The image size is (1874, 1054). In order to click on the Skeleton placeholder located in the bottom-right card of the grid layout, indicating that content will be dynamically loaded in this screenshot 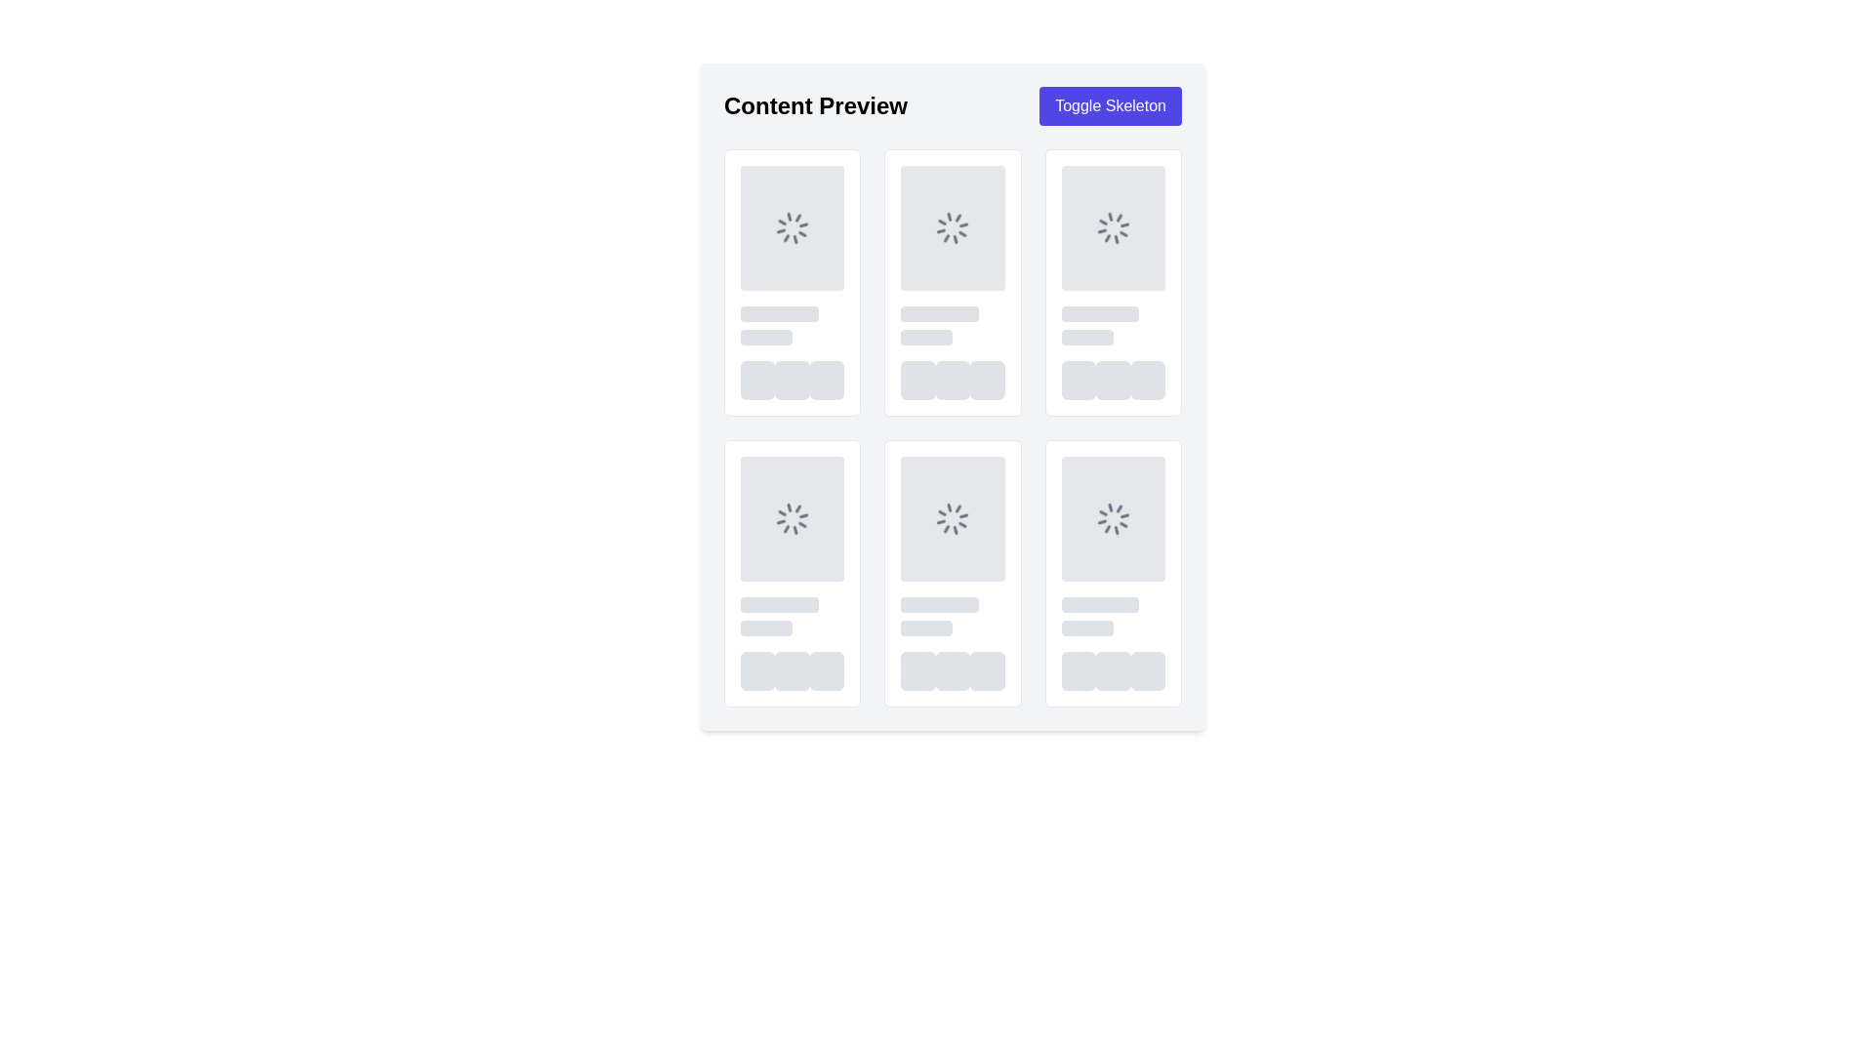, I will do `click(1113, 617)`.